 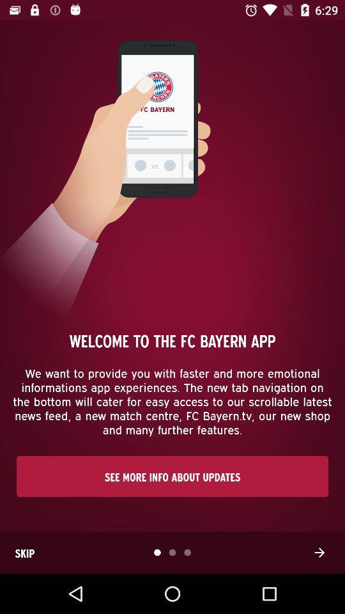 What do you see at coordinates (24, 552) in the screenshot?
I see `skip item` at bounding box center [24, 552].